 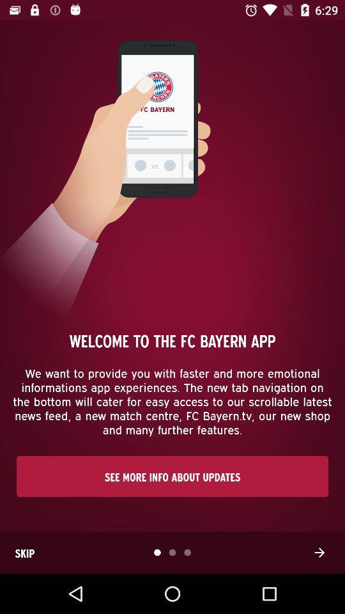 What do you see at coordinates (24, 552) in the screenshot?
I see `skip item` at bounding box center [24, 552].